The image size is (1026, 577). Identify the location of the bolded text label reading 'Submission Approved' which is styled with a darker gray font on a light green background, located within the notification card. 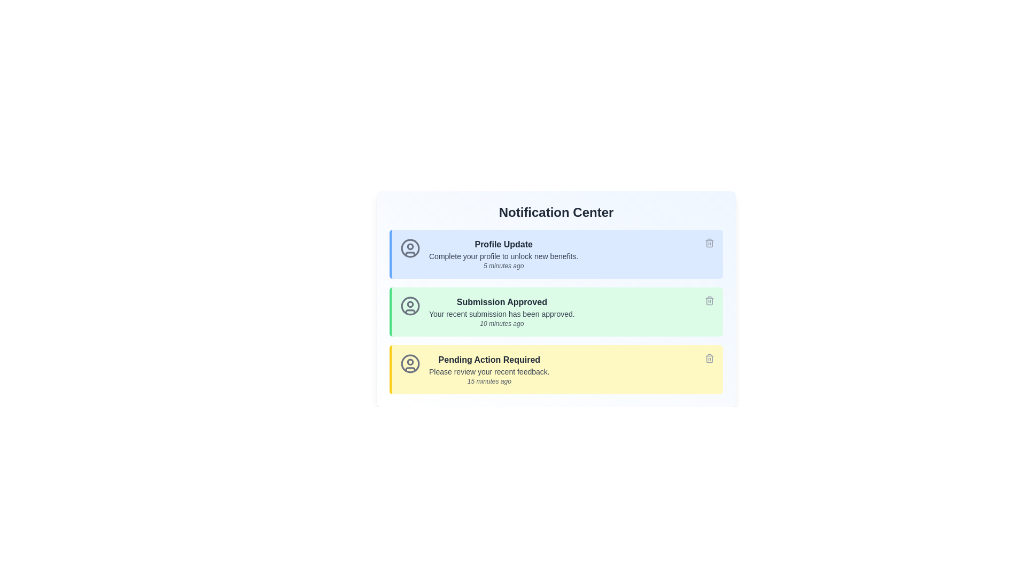
(501, 302).